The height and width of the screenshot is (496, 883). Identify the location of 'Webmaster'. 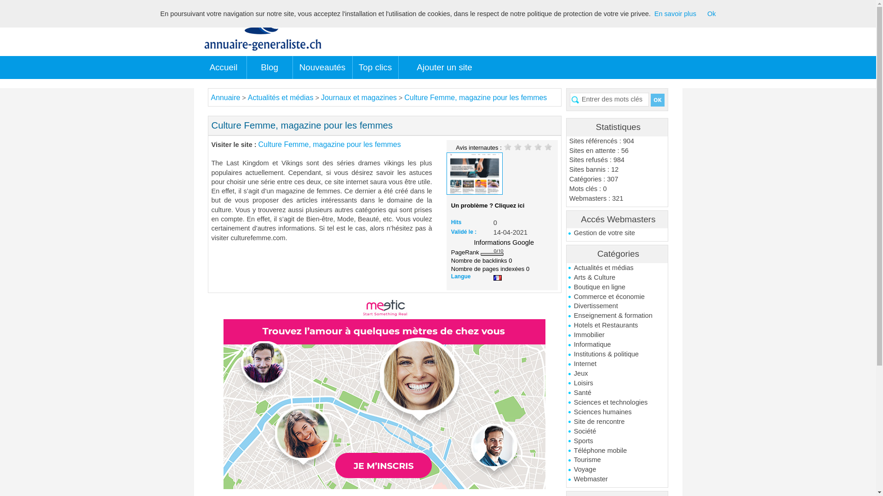
(617, 479).